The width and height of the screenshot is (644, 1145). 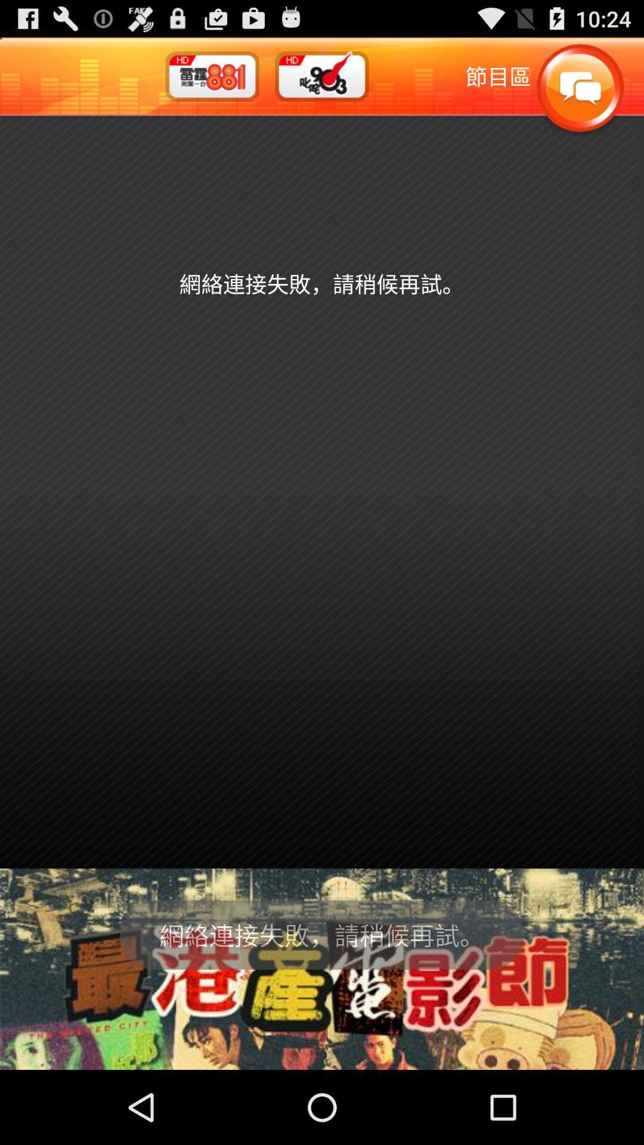 I want to click on chat, so click(x=579, y=88).